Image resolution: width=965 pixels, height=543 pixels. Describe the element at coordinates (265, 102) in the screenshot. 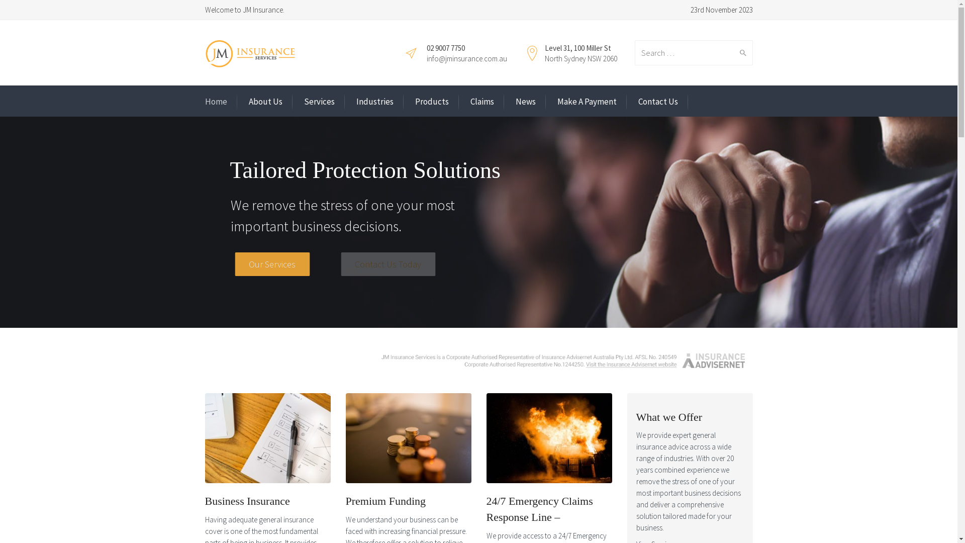

I see `'About Us'` at that location.